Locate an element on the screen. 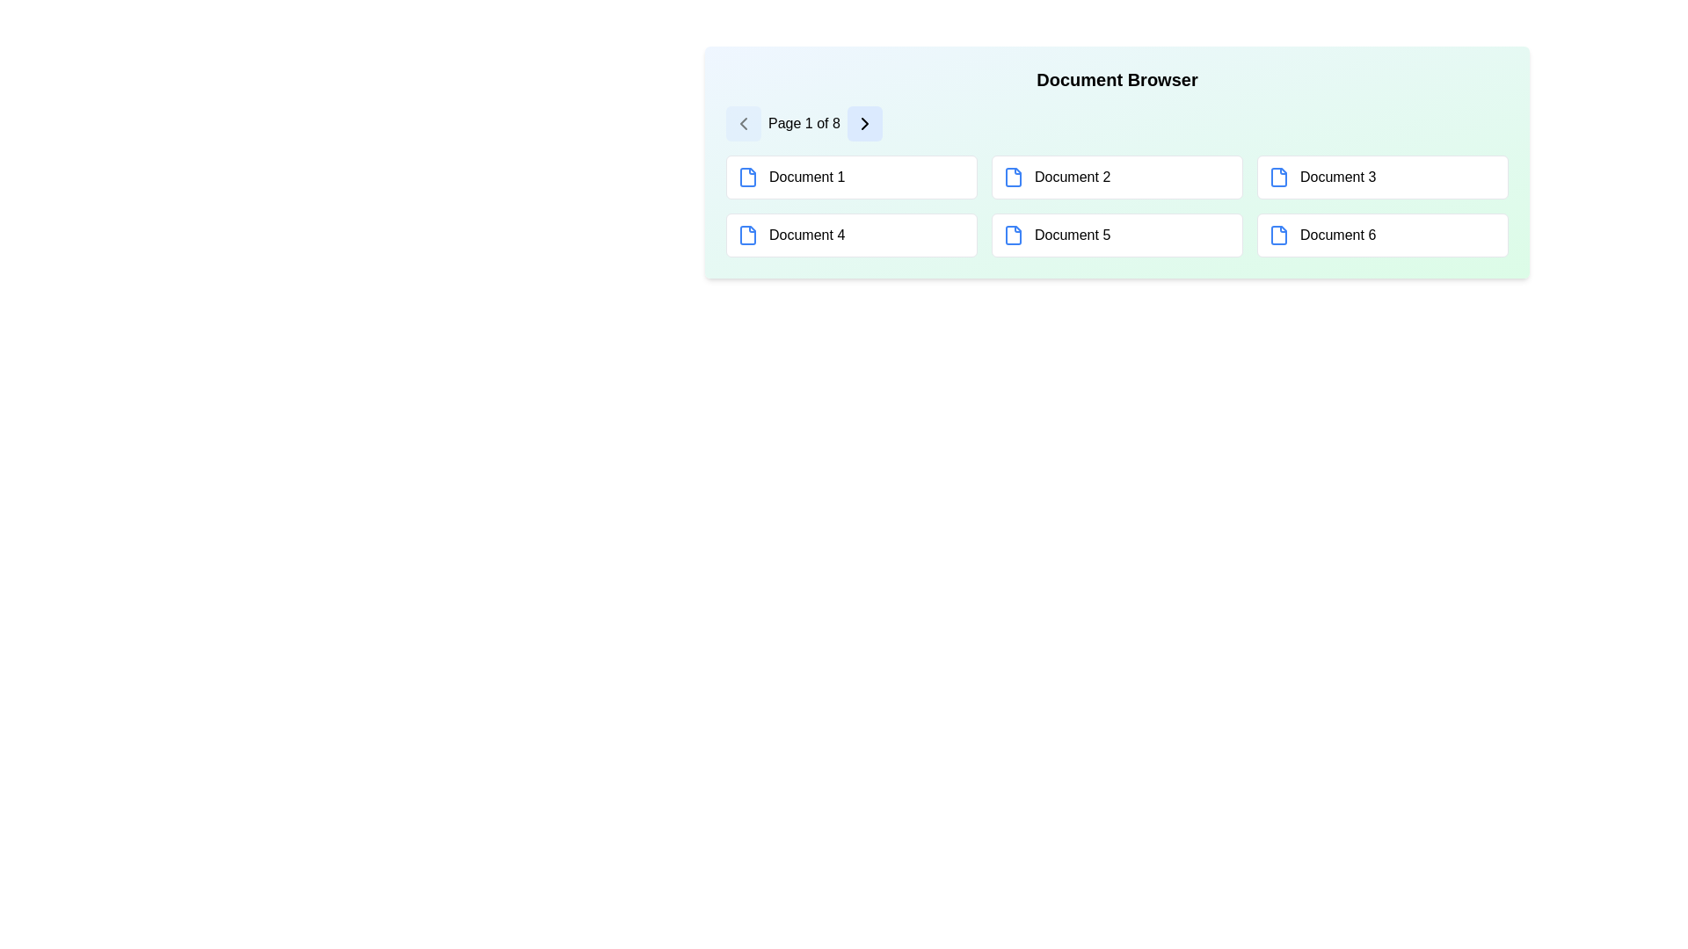 Image resolution: width=1688 pixels, height=949 pixels. the blue outlined document icon next to 'Document 1' is located at coordinates (747, 177).